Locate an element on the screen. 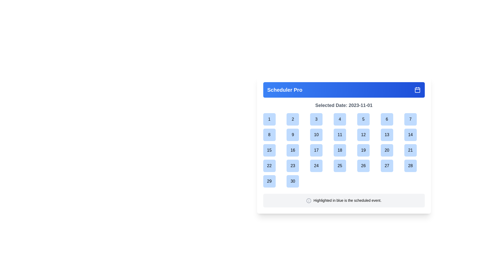  the square button with rounded corners, light blue background, and bold black numeral '12' to observe its hover effect is located at coordinates (363, 134).